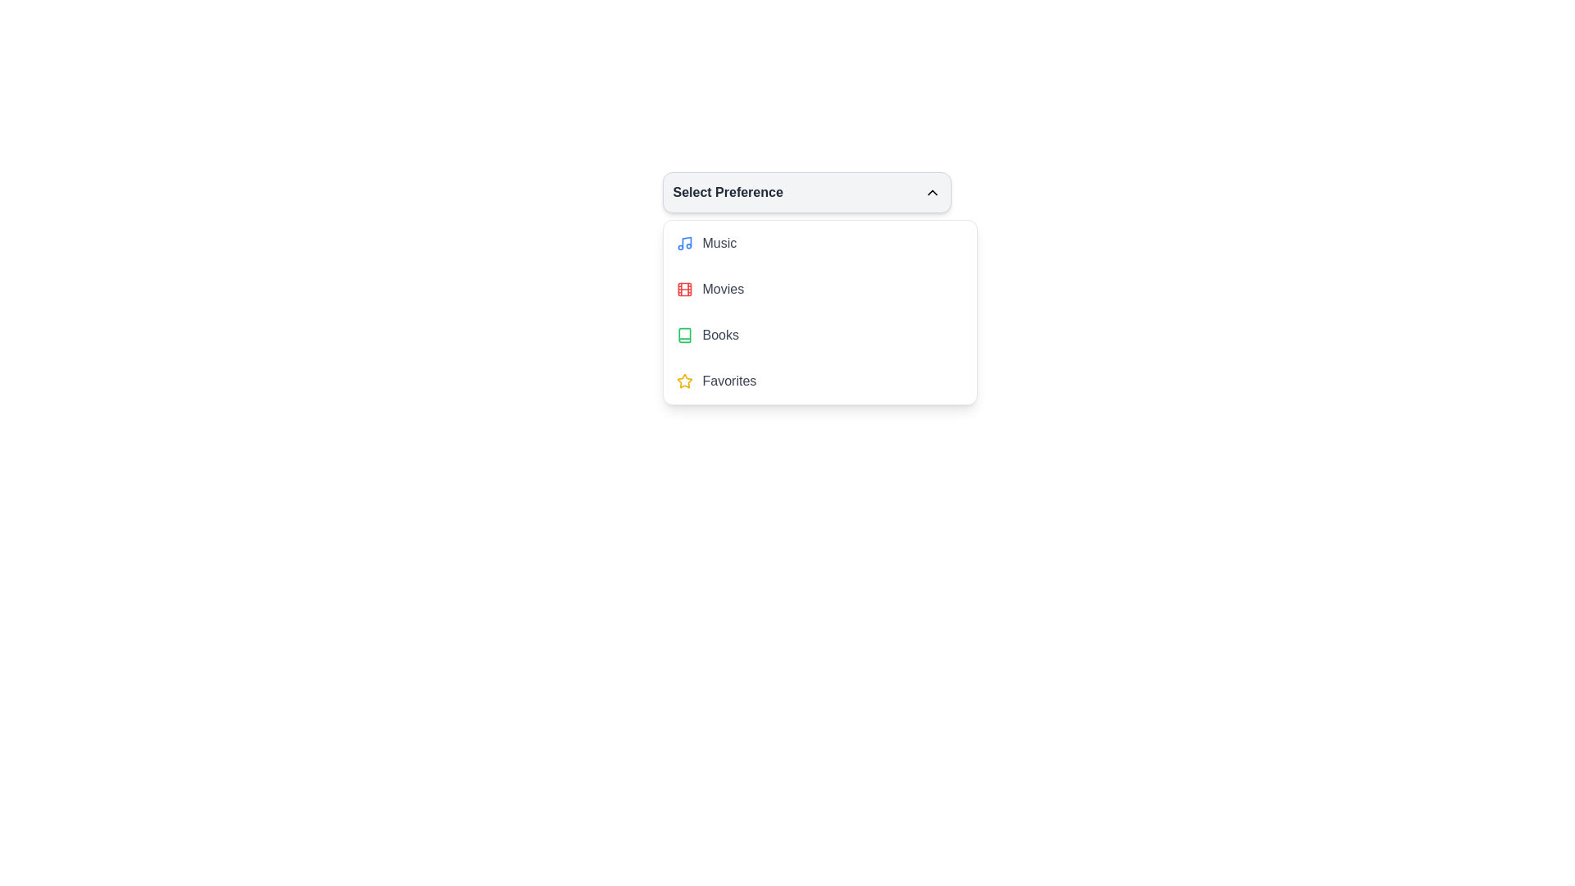 The height and width of the screenshot is (886, 1575). Describe the element at coordinates (728, 381) in the screenshot. I see `the 'Favorites' text label in the dropdown menu, which is positioned to the right of a yellow star icon and is the last item in the list` at that location.